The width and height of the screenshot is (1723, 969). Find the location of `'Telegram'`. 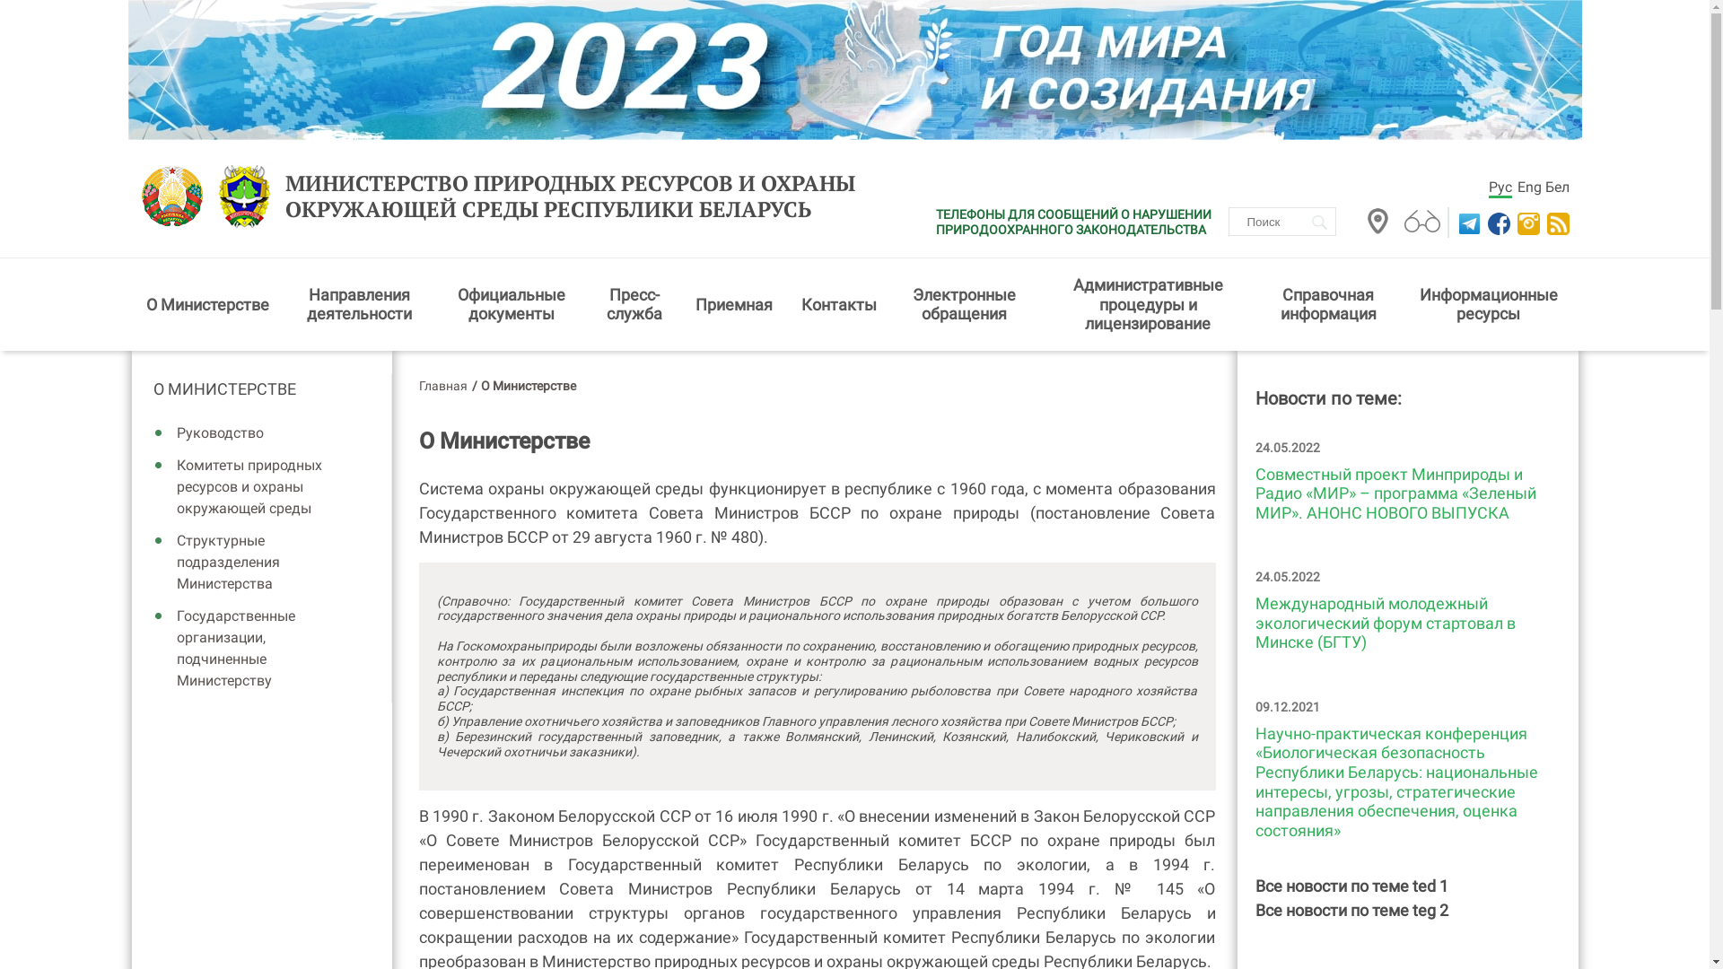

'Telegram' is located at coordinates (1454, 223).